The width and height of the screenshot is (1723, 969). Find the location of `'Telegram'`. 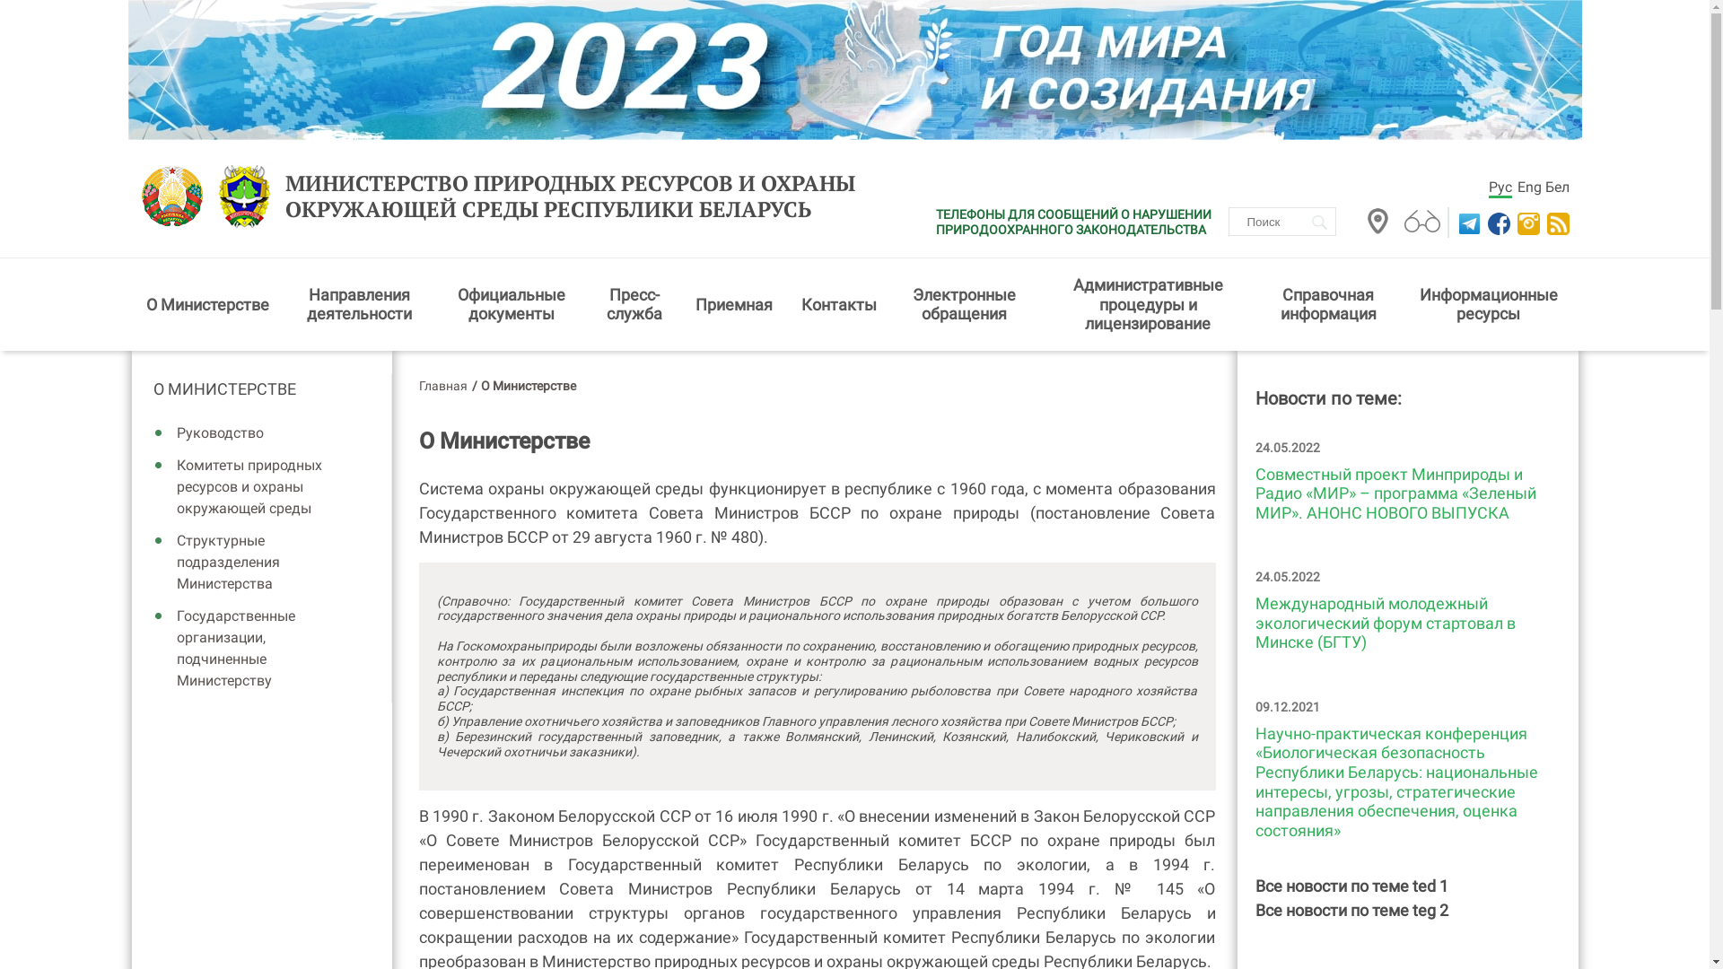

'Telegram' is located at coordinates (1454, 223).